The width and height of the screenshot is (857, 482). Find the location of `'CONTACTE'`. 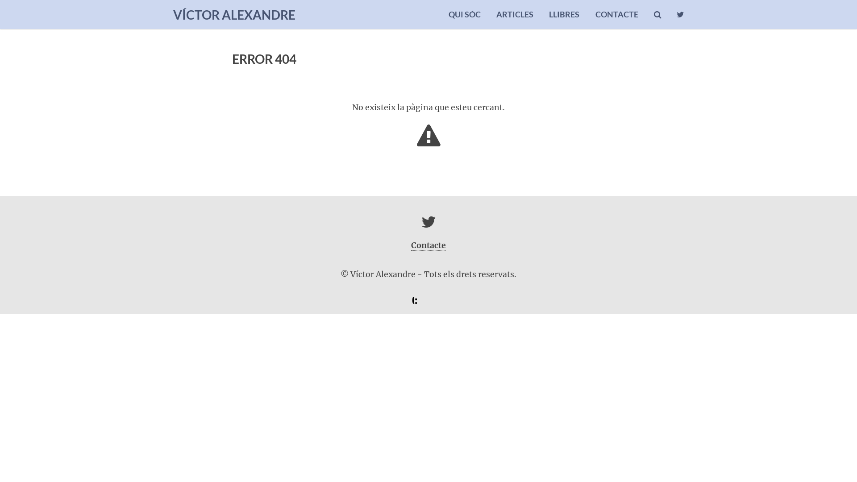

'CONTACTE' is located at coordinates (595, 14).